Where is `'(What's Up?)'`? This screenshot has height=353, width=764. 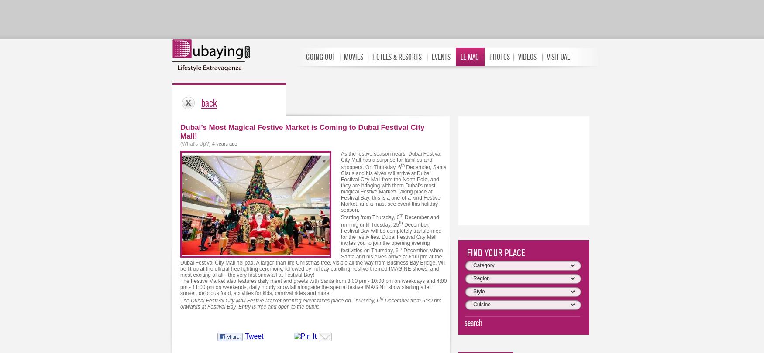 '(What's Up?)' is located at coordinates (196, 143).